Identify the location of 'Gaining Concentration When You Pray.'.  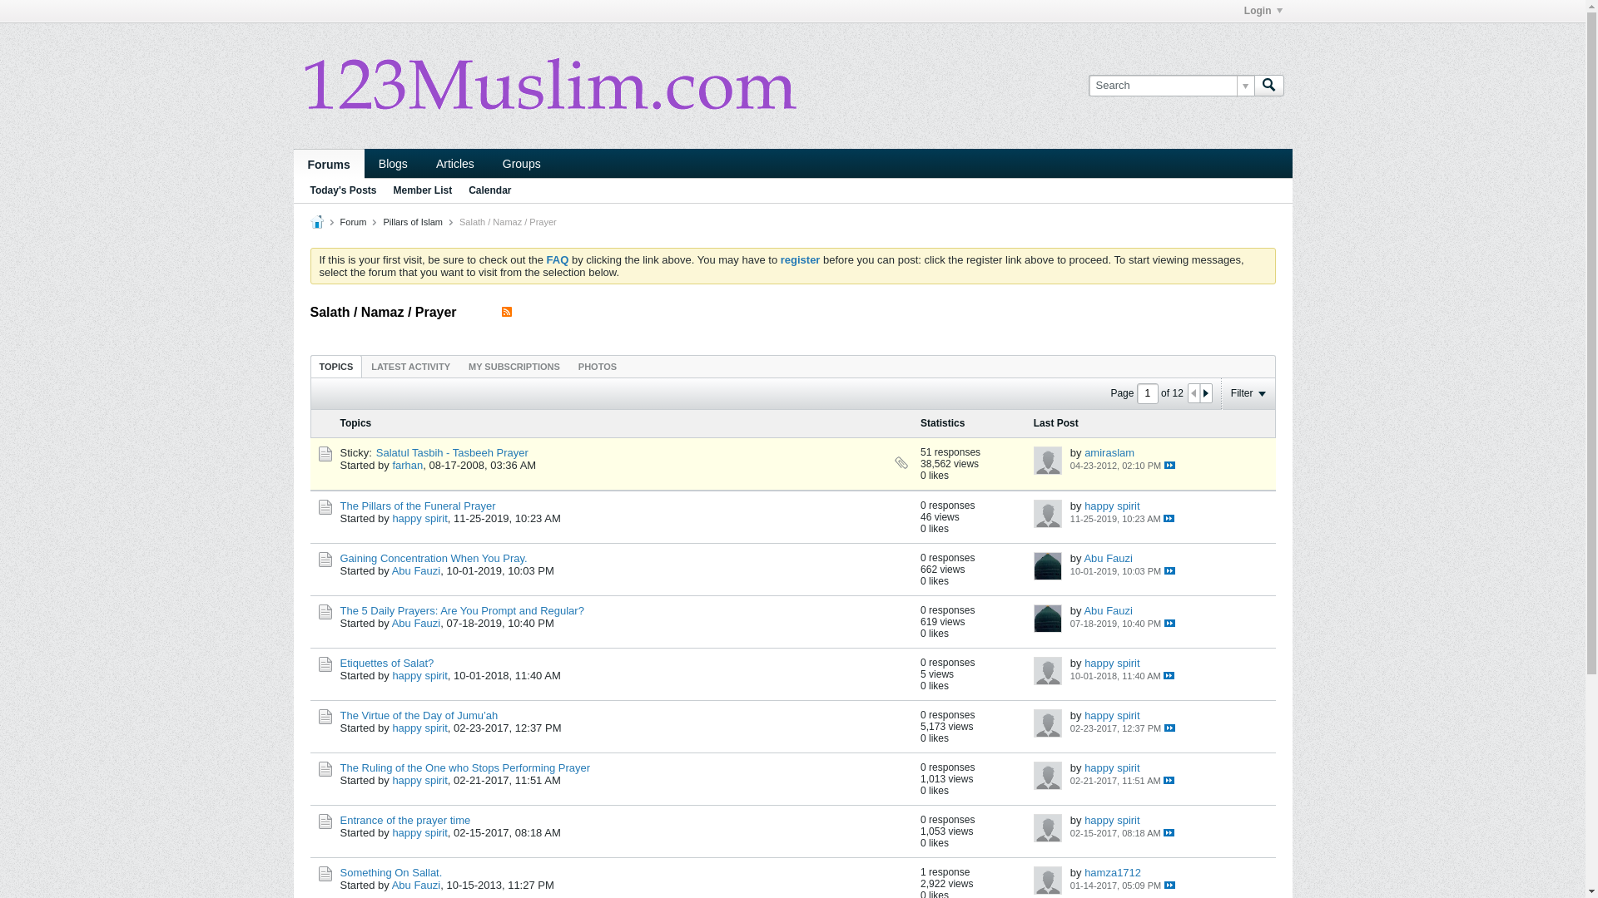
(433, 558).